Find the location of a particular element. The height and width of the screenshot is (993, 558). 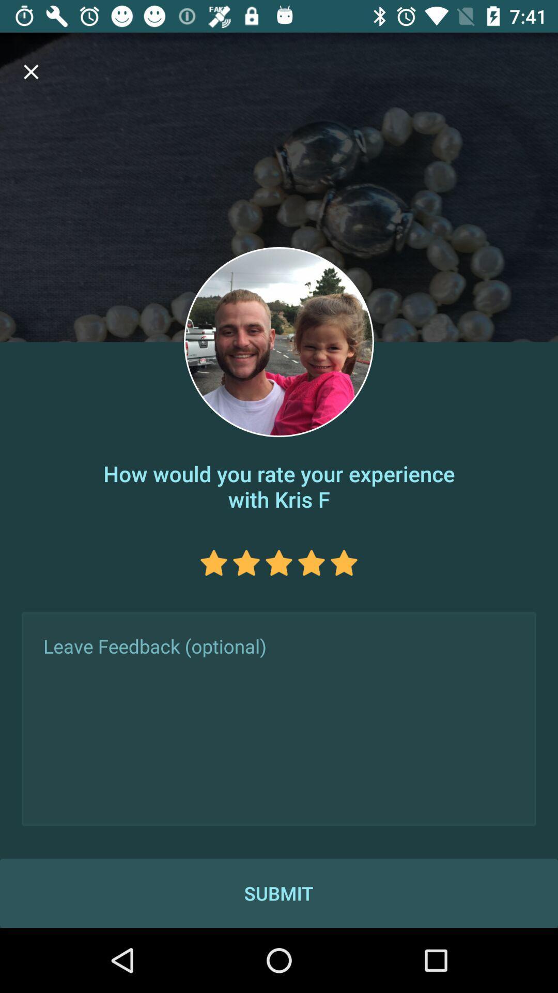

click ratings is located at coordinates (246, 562).